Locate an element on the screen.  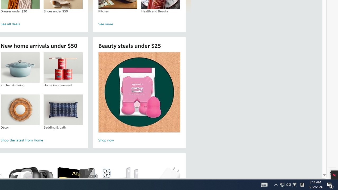
'Bedding & bath' is located at coordinates (63, 109).